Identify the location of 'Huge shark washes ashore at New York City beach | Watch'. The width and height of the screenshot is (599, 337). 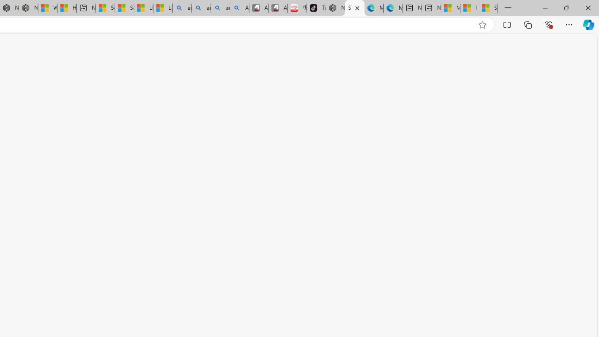
(66, 8).